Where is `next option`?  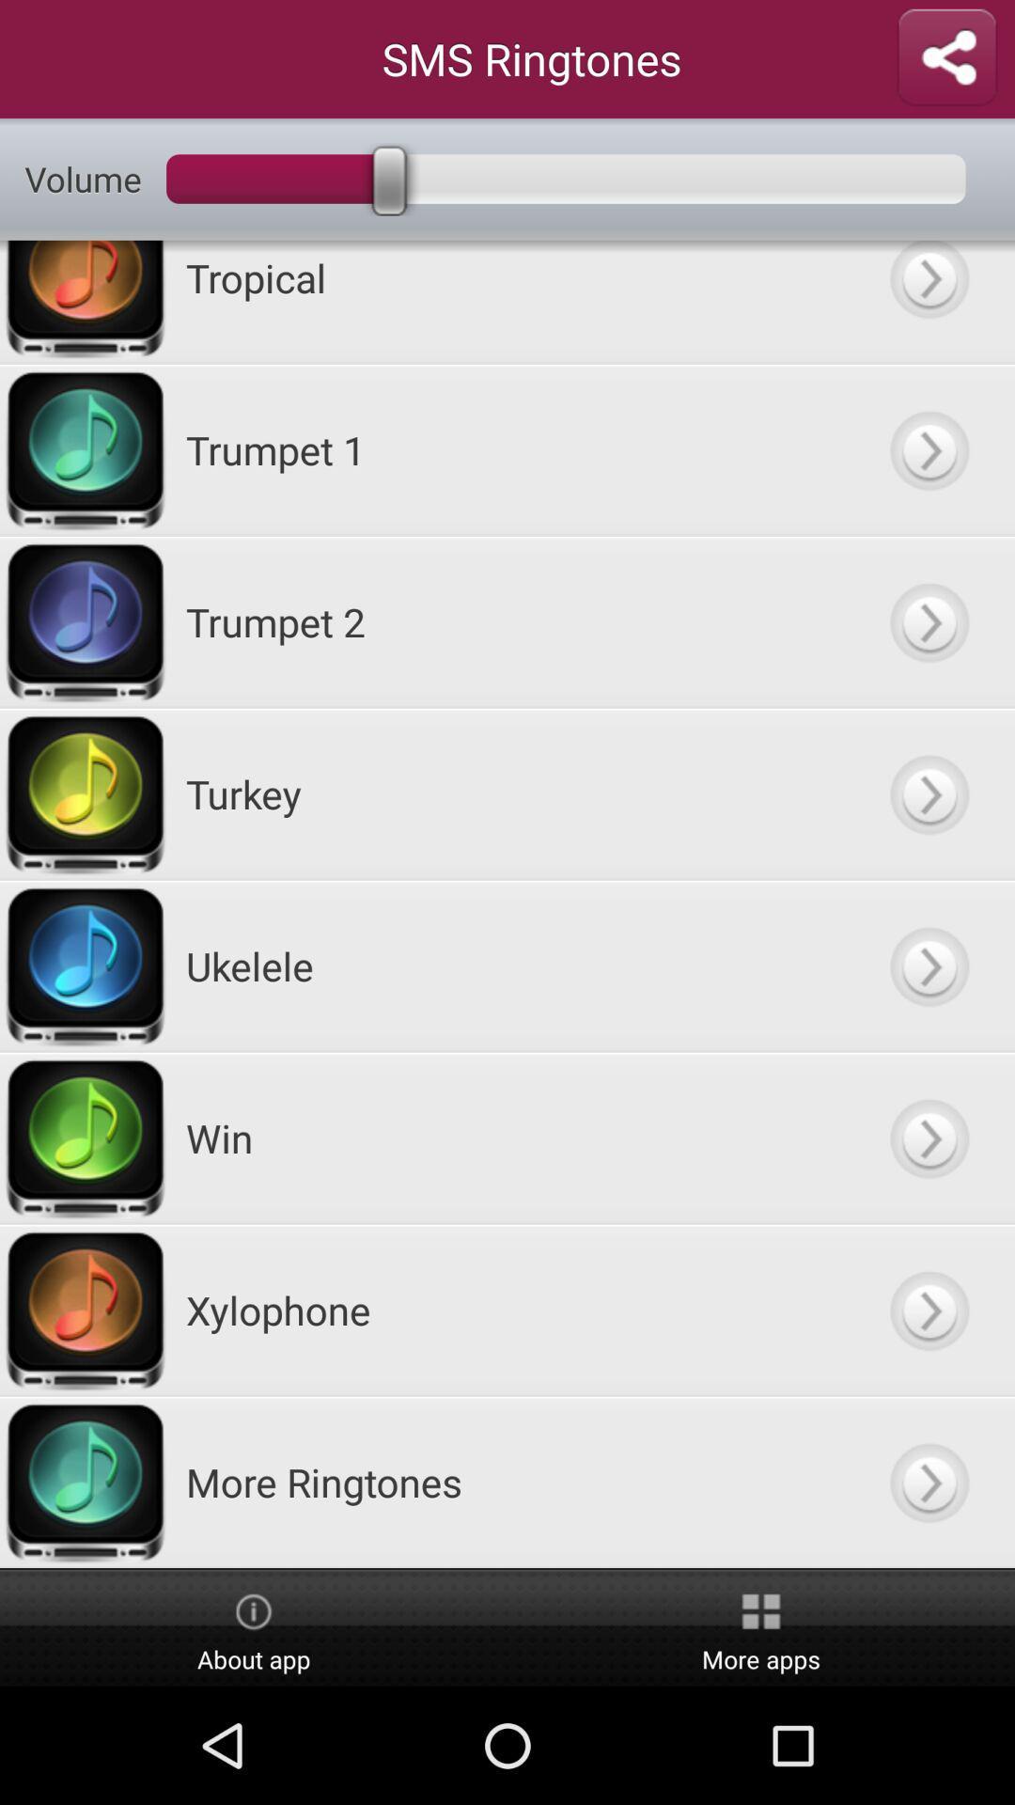
next option is located at coordinates (928, 793).